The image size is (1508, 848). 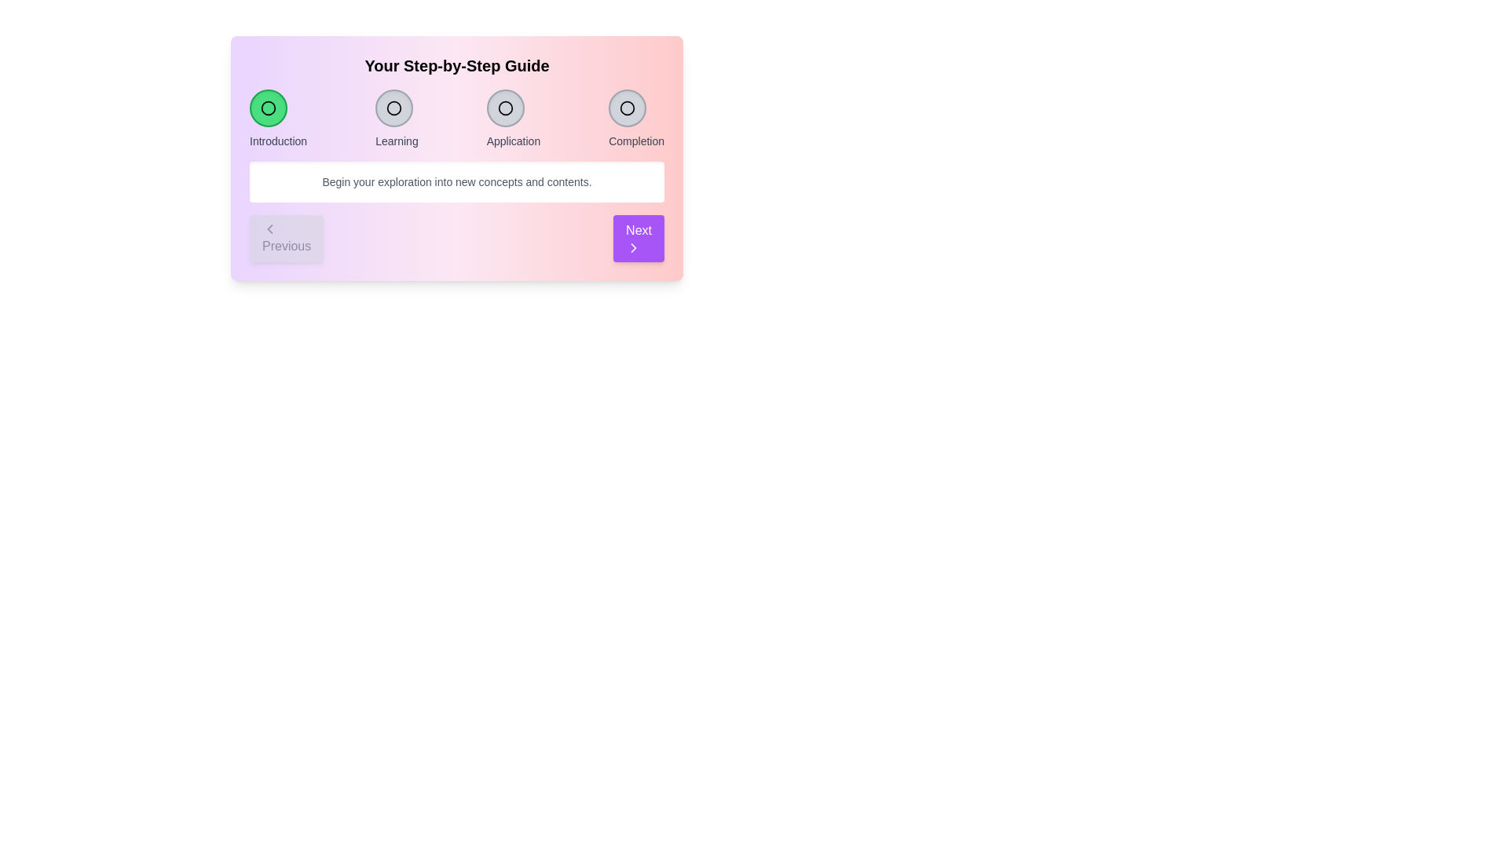 I want to click on the fourth button labeled 'Completion' in the upper-right corner of the navigation interface, so click(x=636, y=118).